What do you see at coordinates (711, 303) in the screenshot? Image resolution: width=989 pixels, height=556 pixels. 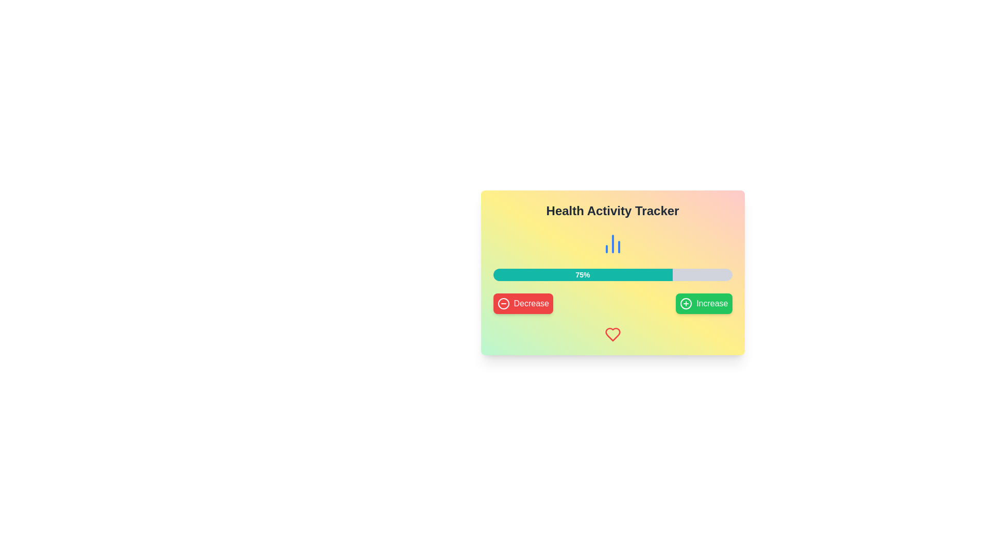 I see `the button containing the text label that signifies the action of incrementing or adding to an associated value, located on the far right of the button group` at bounding box center [711, 303].